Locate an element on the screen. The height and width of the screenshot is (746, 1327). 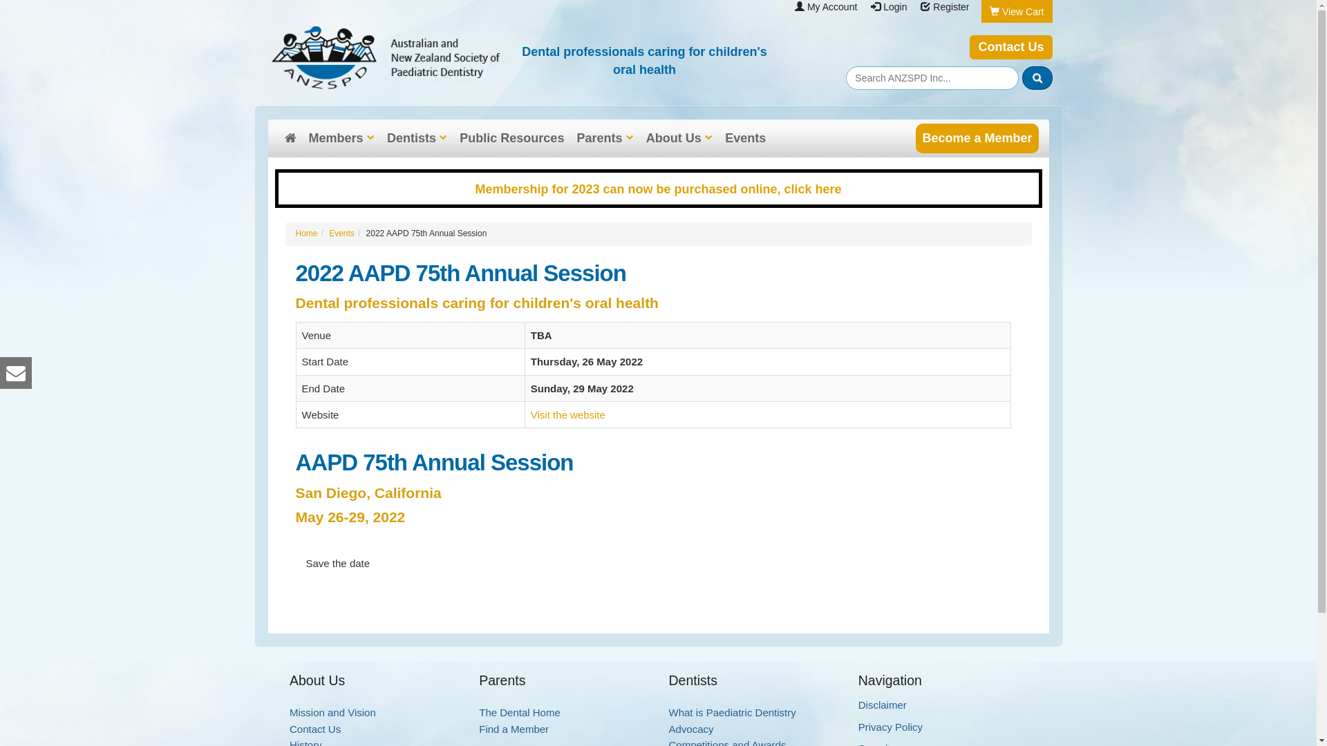
'Public Resources' is located at coordinates (511, 138).